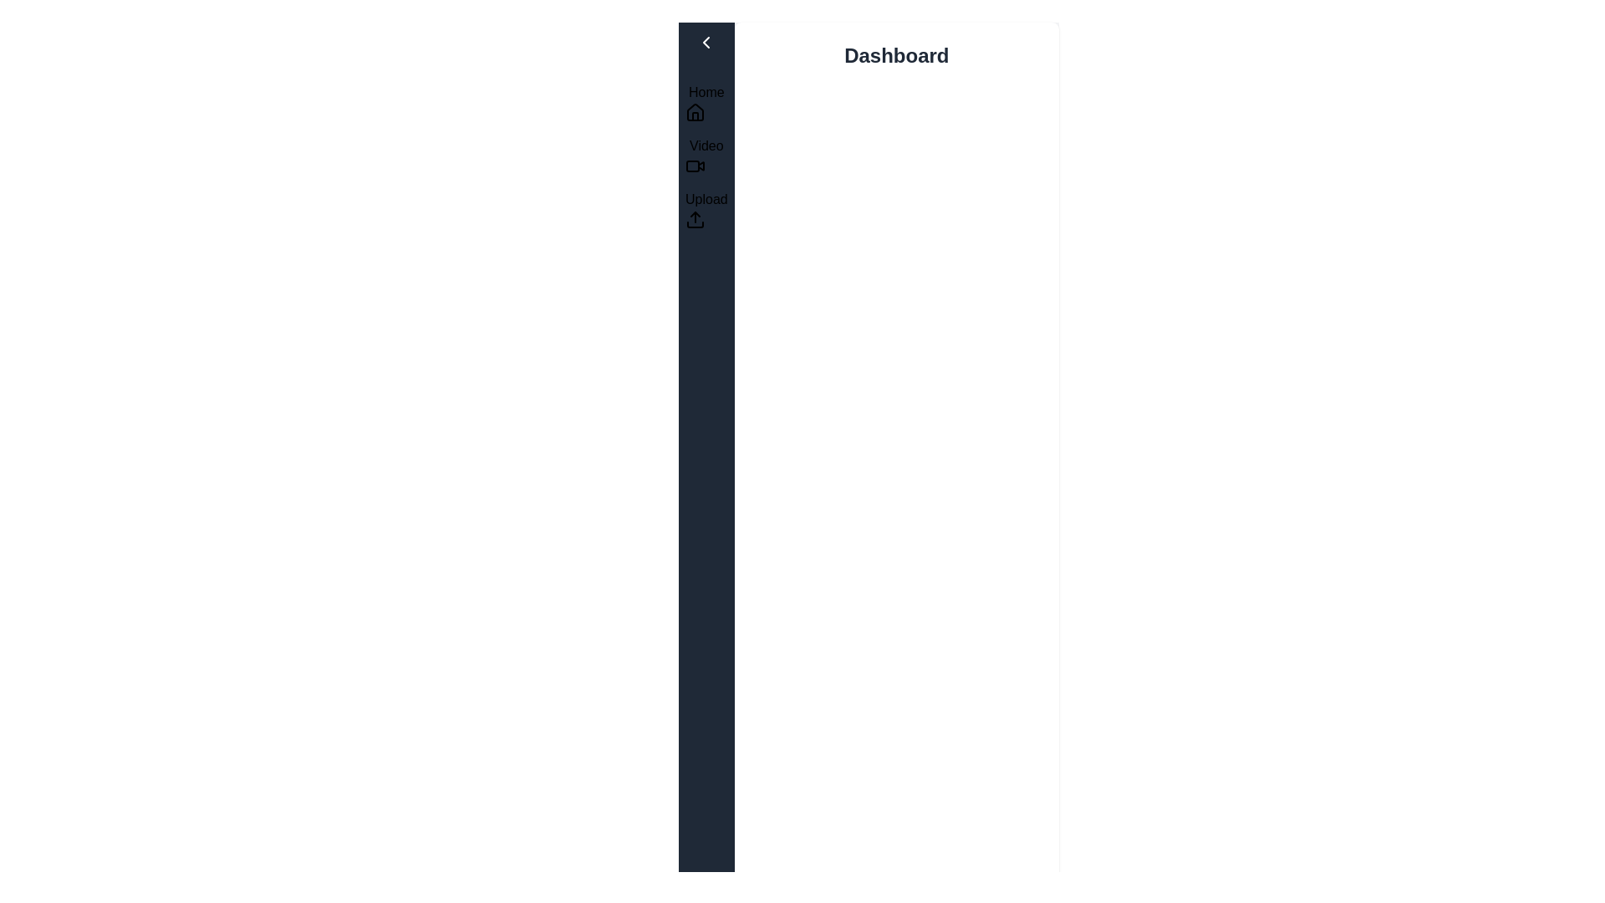 This screenshot has width=1605, height=903. I want to click on the house-shaped icon located in the navigation sidebar, positioned right of the 'Home' label, so click(695, 112).